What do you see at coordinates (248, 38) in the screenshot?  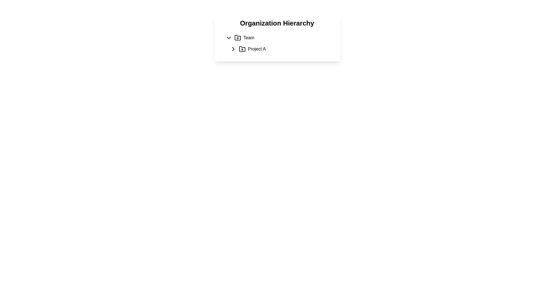 I see `the text label 'Team'` at bounding box center [248, 38].